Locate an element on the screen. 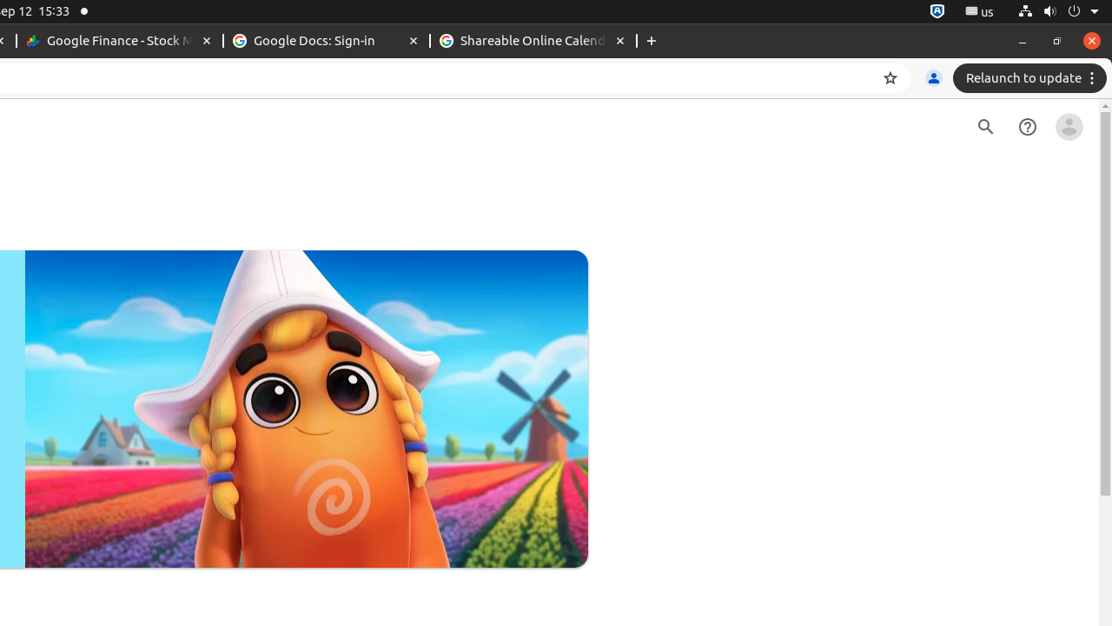  'Shareable Online Calendar and Scheduling - Google Calendar - Memory usage - 88.5 MB' is located at coordinates (533, 40).